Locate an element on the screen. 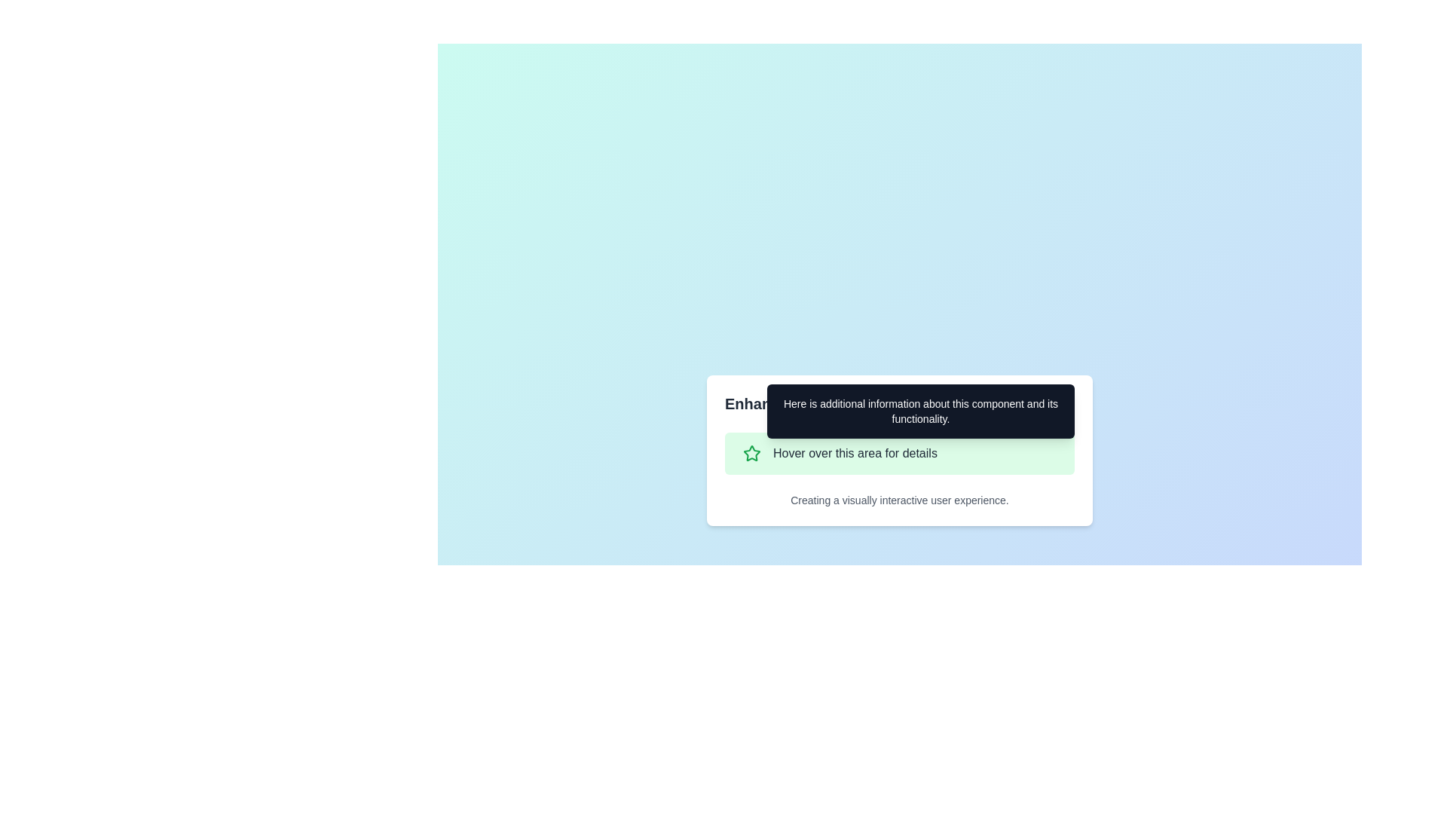  the star-shaped icon with a green outline located at the center-bottom area of the main interface, which is part of an informational card component is located at coordinates (752, 452).